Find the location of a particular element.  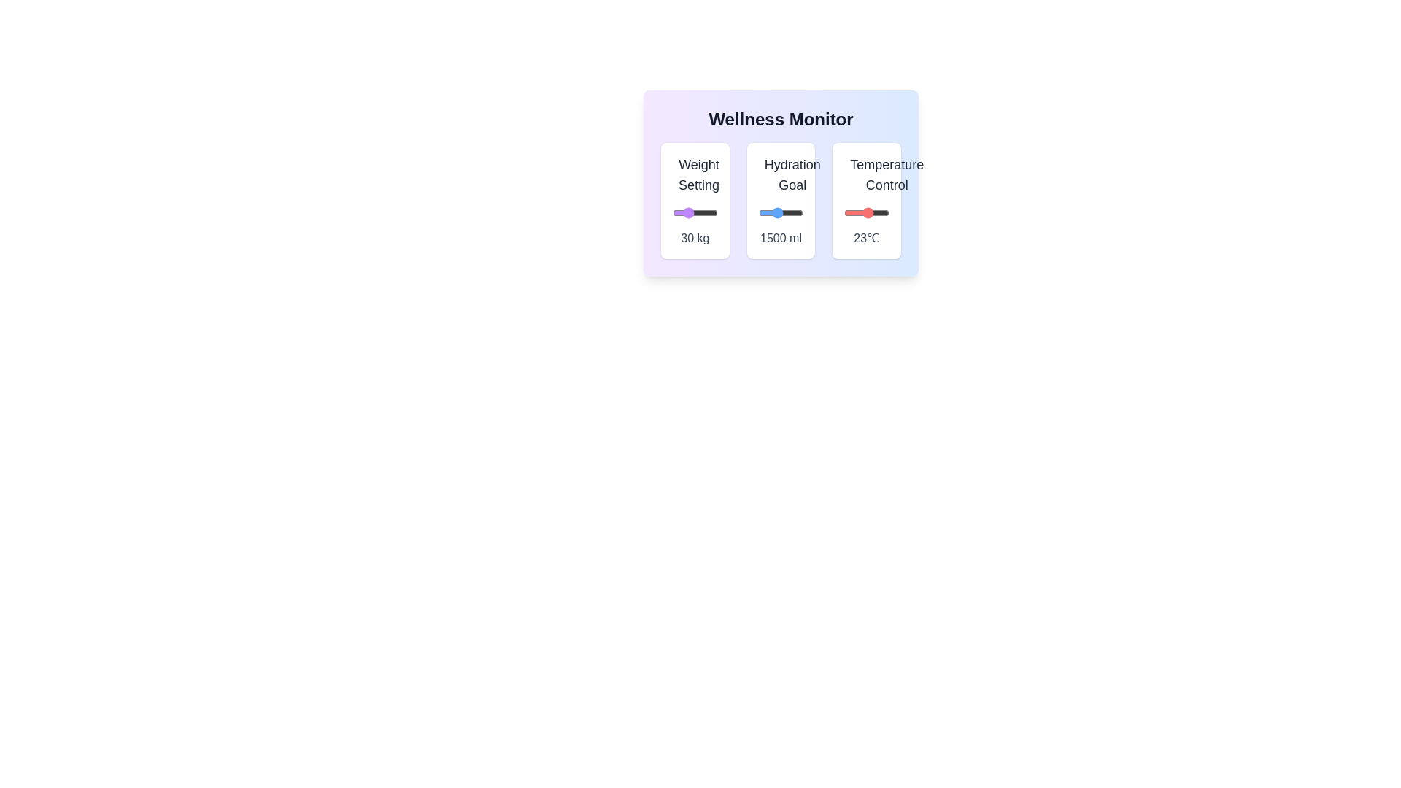

weight is located at coordinates (688, 213).